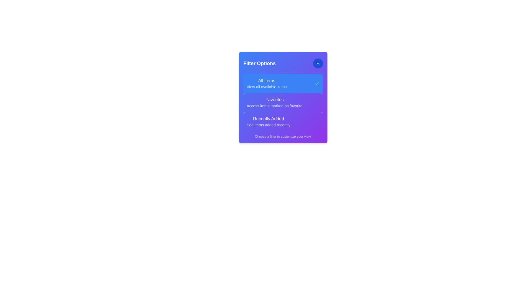 The image size is (531, 298). I want to click on the toggle button to change the visibility of the menu, so click(318, 63).